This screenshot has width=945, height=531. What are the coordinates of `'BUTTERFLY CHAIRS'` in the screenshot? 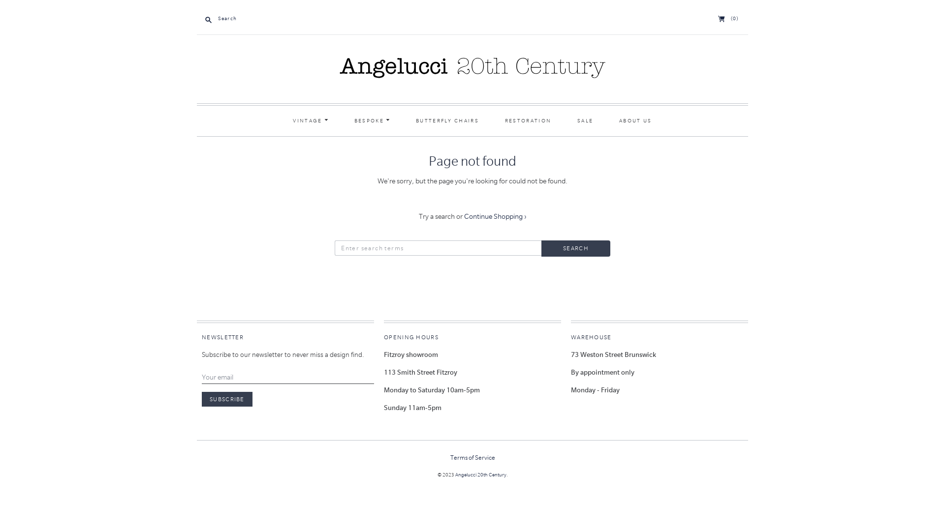 It's located at (404, 120).